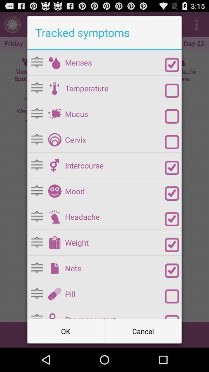 The width and height of the screenshot is (209, 372). What do you see at coordinates (172, 270) in the screenshot?
I see `selcet` at bounding box center [172, 270].